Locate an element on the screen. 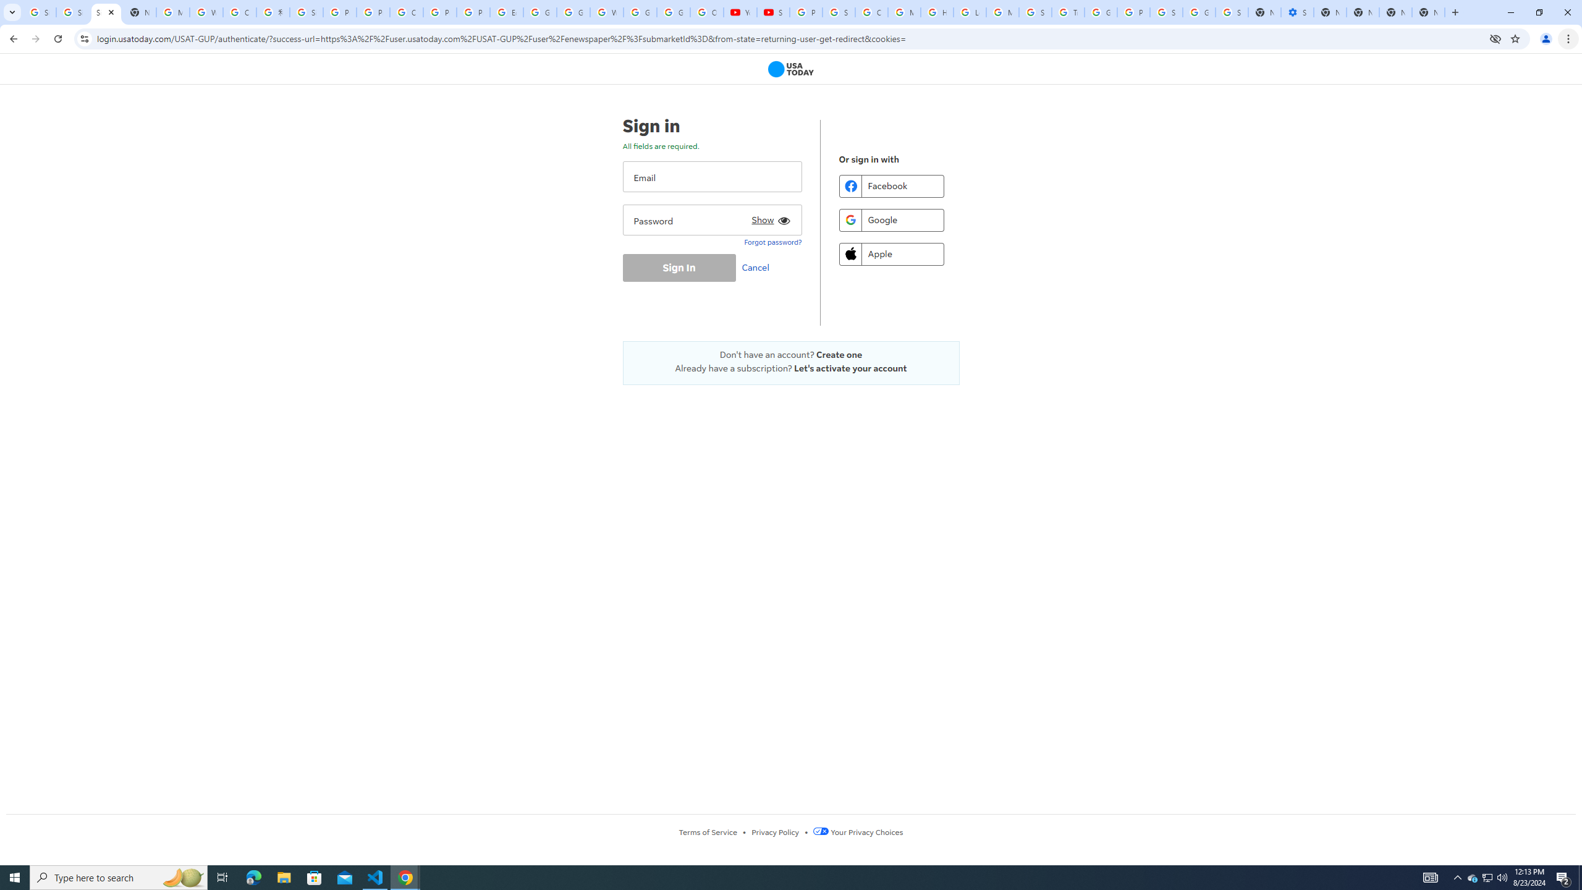 This screenshot has width=1582, height=890. 'Google Ads - Sign in' is located at coordinates (1101, 12).